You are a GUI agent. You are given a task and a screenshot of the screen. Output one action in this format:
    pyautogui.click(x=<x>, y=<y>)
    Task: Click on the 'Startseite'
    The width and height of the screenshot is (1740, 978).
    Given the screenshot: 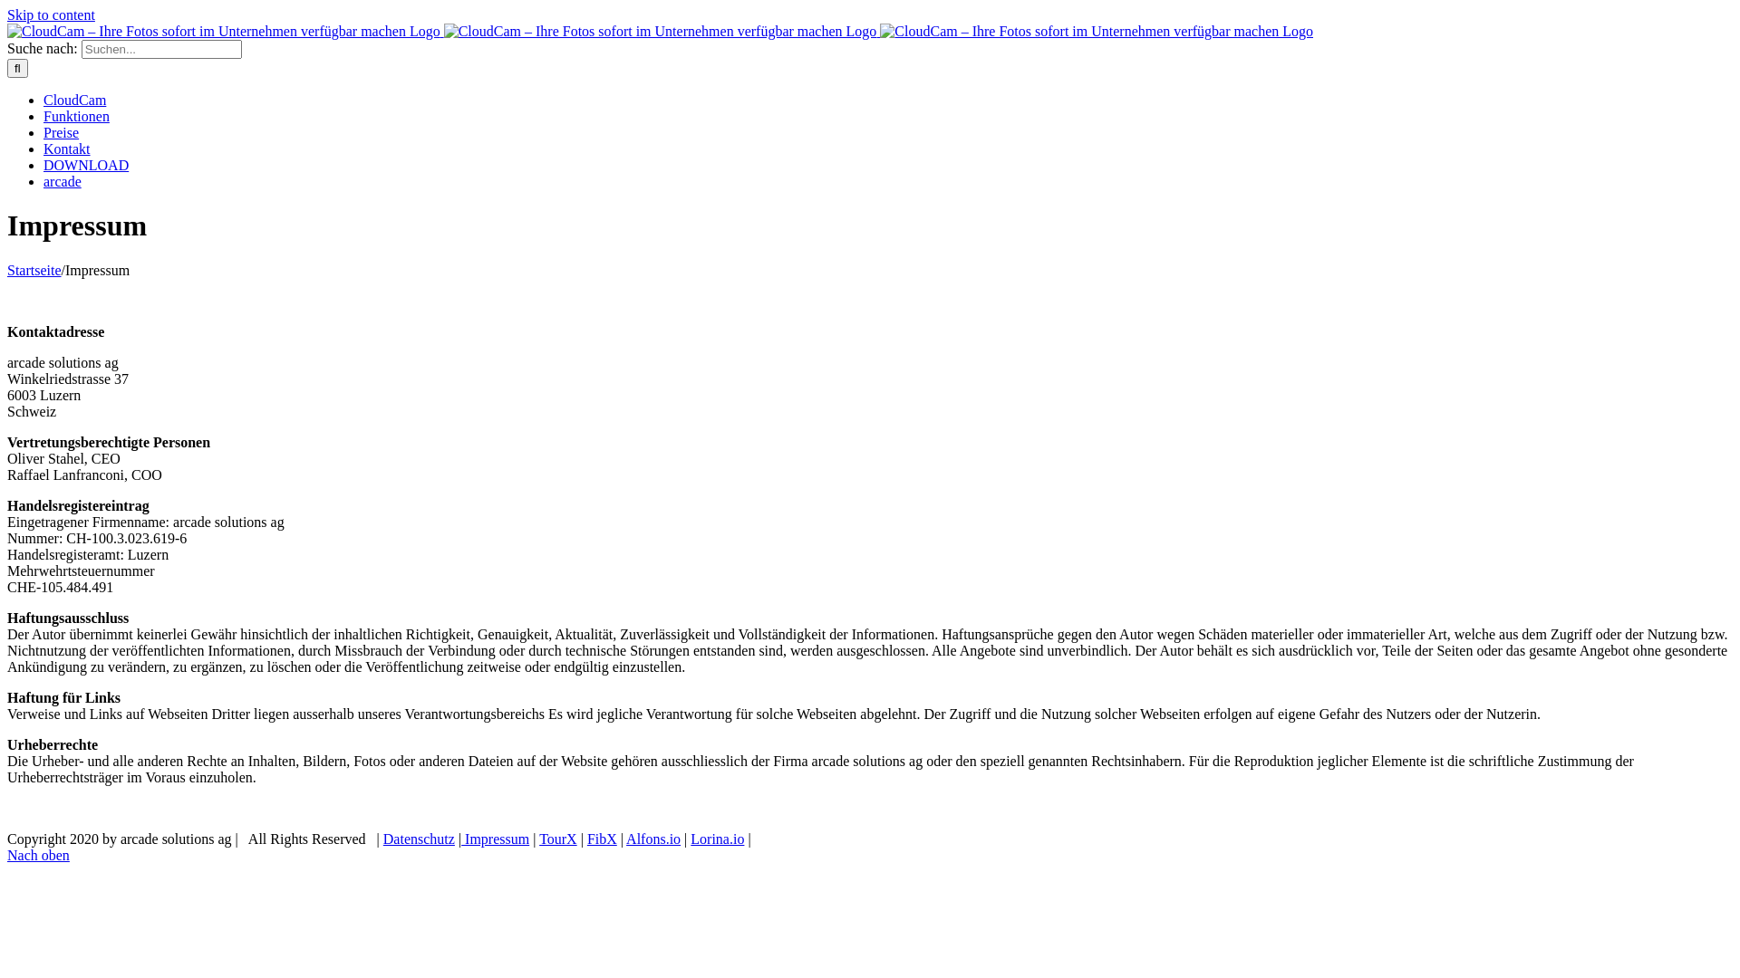 What is the action you would take?
    pyautogui.click(x=34, y=270)
    